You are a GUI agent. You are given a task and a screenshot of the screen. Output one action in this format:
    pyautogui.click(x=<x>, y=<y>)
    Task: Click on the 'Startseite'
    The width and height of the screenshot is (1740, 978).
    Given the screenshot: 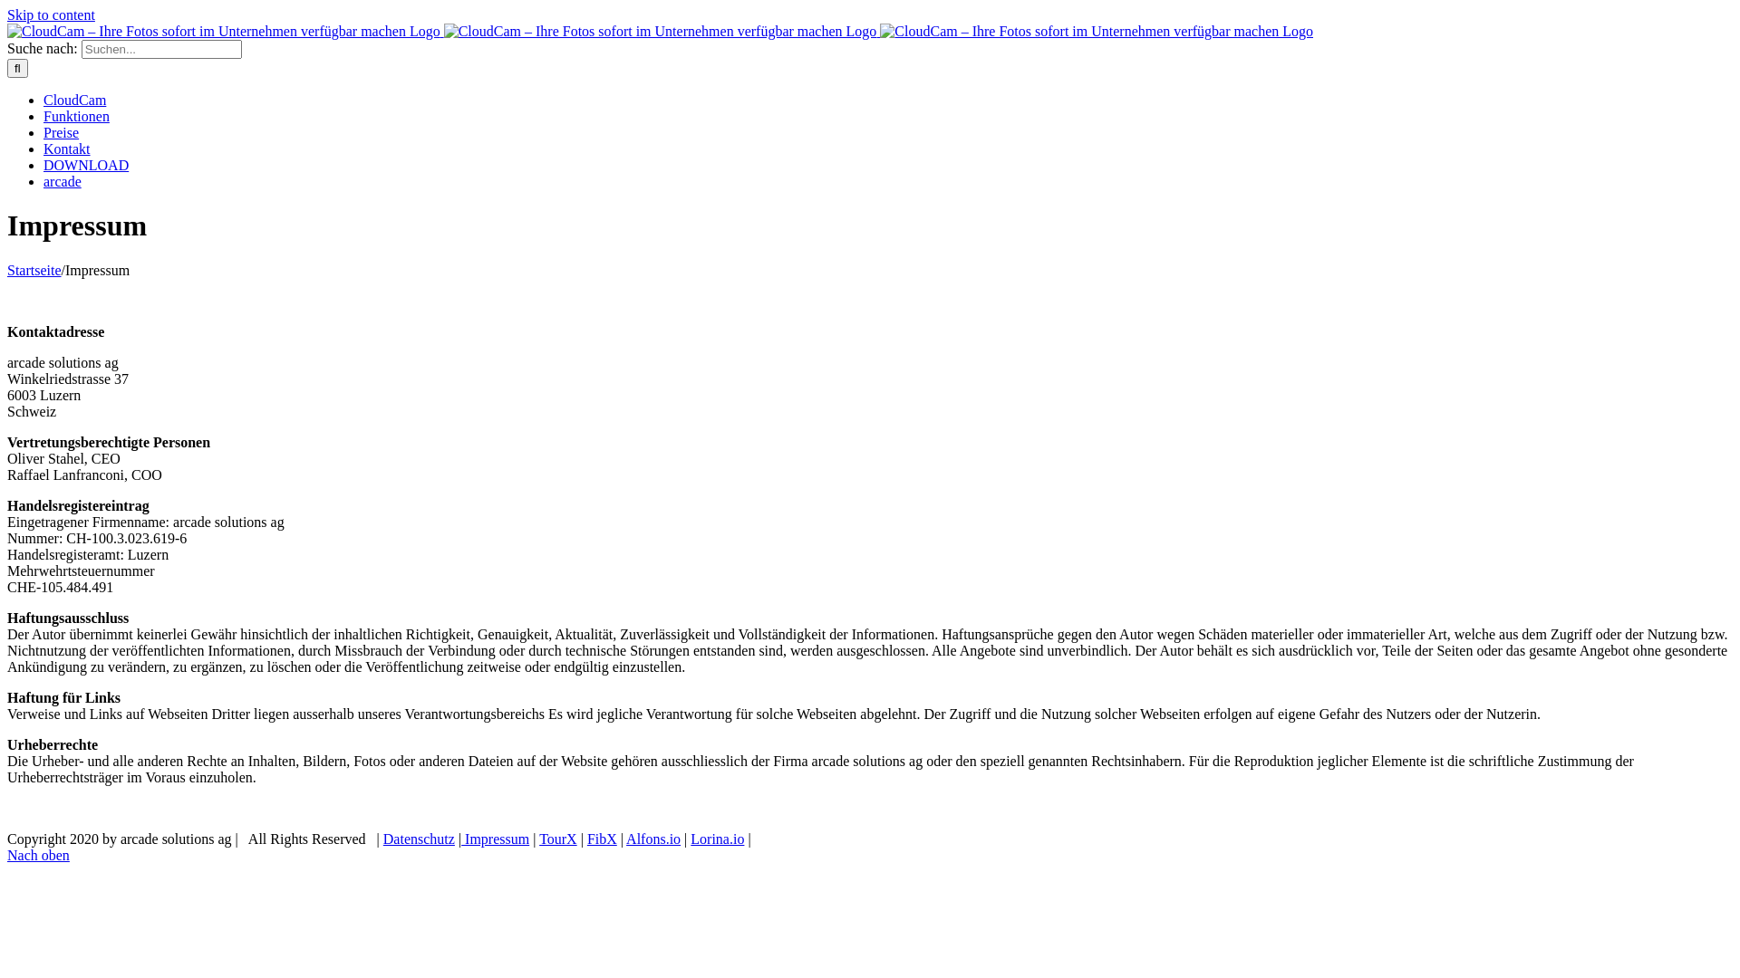 What is the action you would take?
    pyautogui.click(x=34, y=270)
    